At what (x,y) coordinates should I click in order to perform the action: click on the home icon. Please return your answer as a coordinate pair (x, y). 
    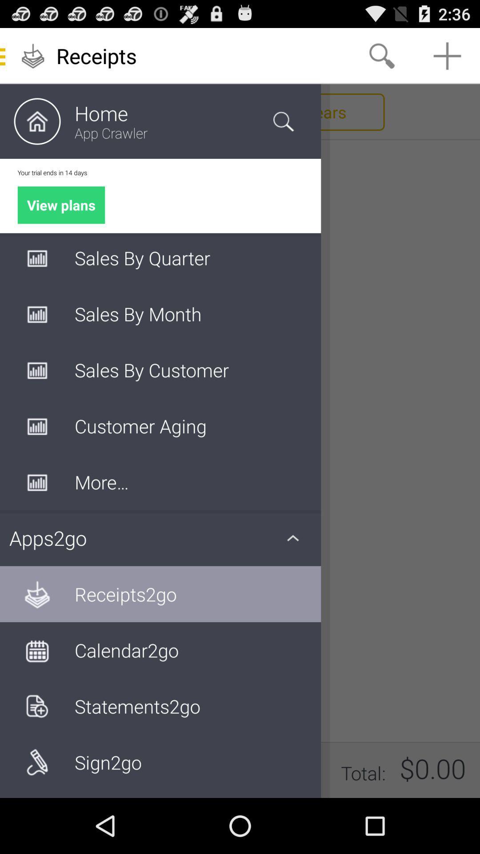
    Looking at the image, I should click on (37, 129).